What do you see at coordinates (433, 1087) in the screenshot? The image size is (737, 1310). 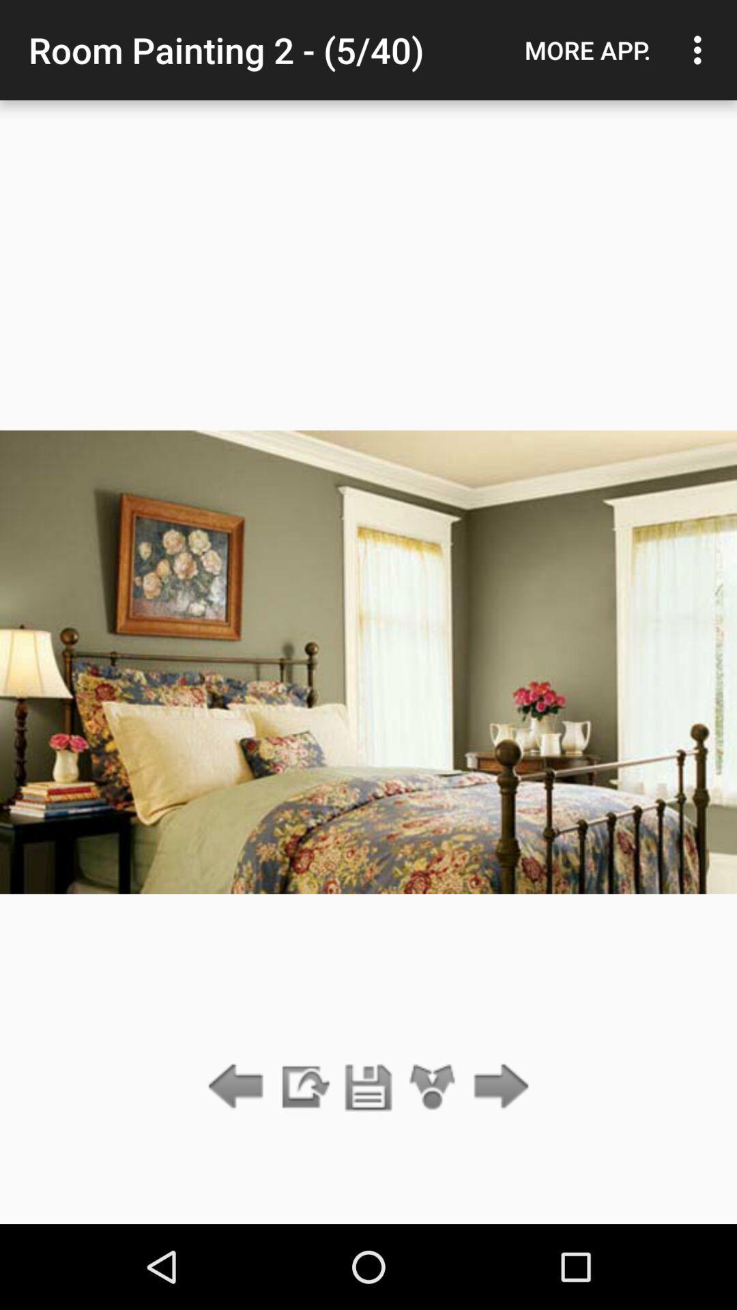 I see `the share icon` at bounding box center [433, 1087].